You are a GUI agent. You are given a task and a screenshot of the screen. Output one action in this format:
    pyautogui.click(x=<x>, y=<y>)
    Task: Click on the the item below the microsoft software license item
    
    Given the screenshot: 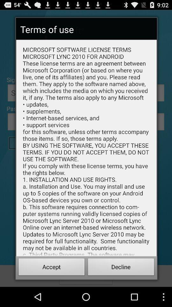 What is the action you would take?
    pyautogui.click(x=51, y=268)
    